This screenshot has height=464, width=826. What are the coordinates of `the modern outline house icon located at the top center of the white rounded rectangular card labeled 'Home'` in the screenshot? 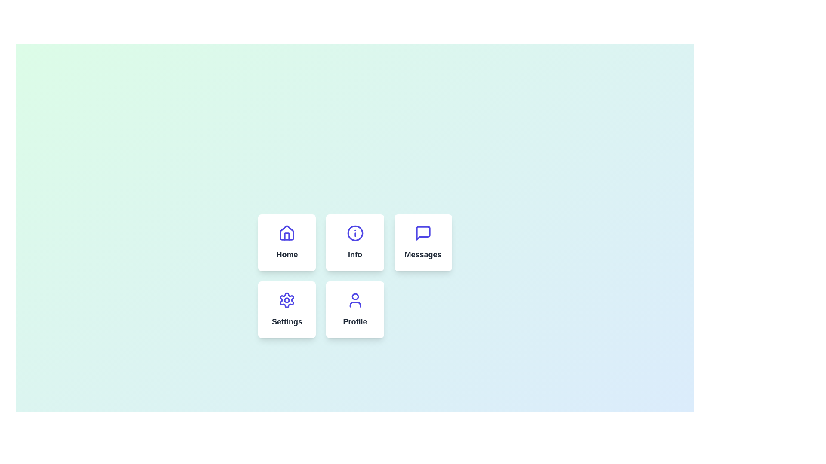 It's located at (287, 233).